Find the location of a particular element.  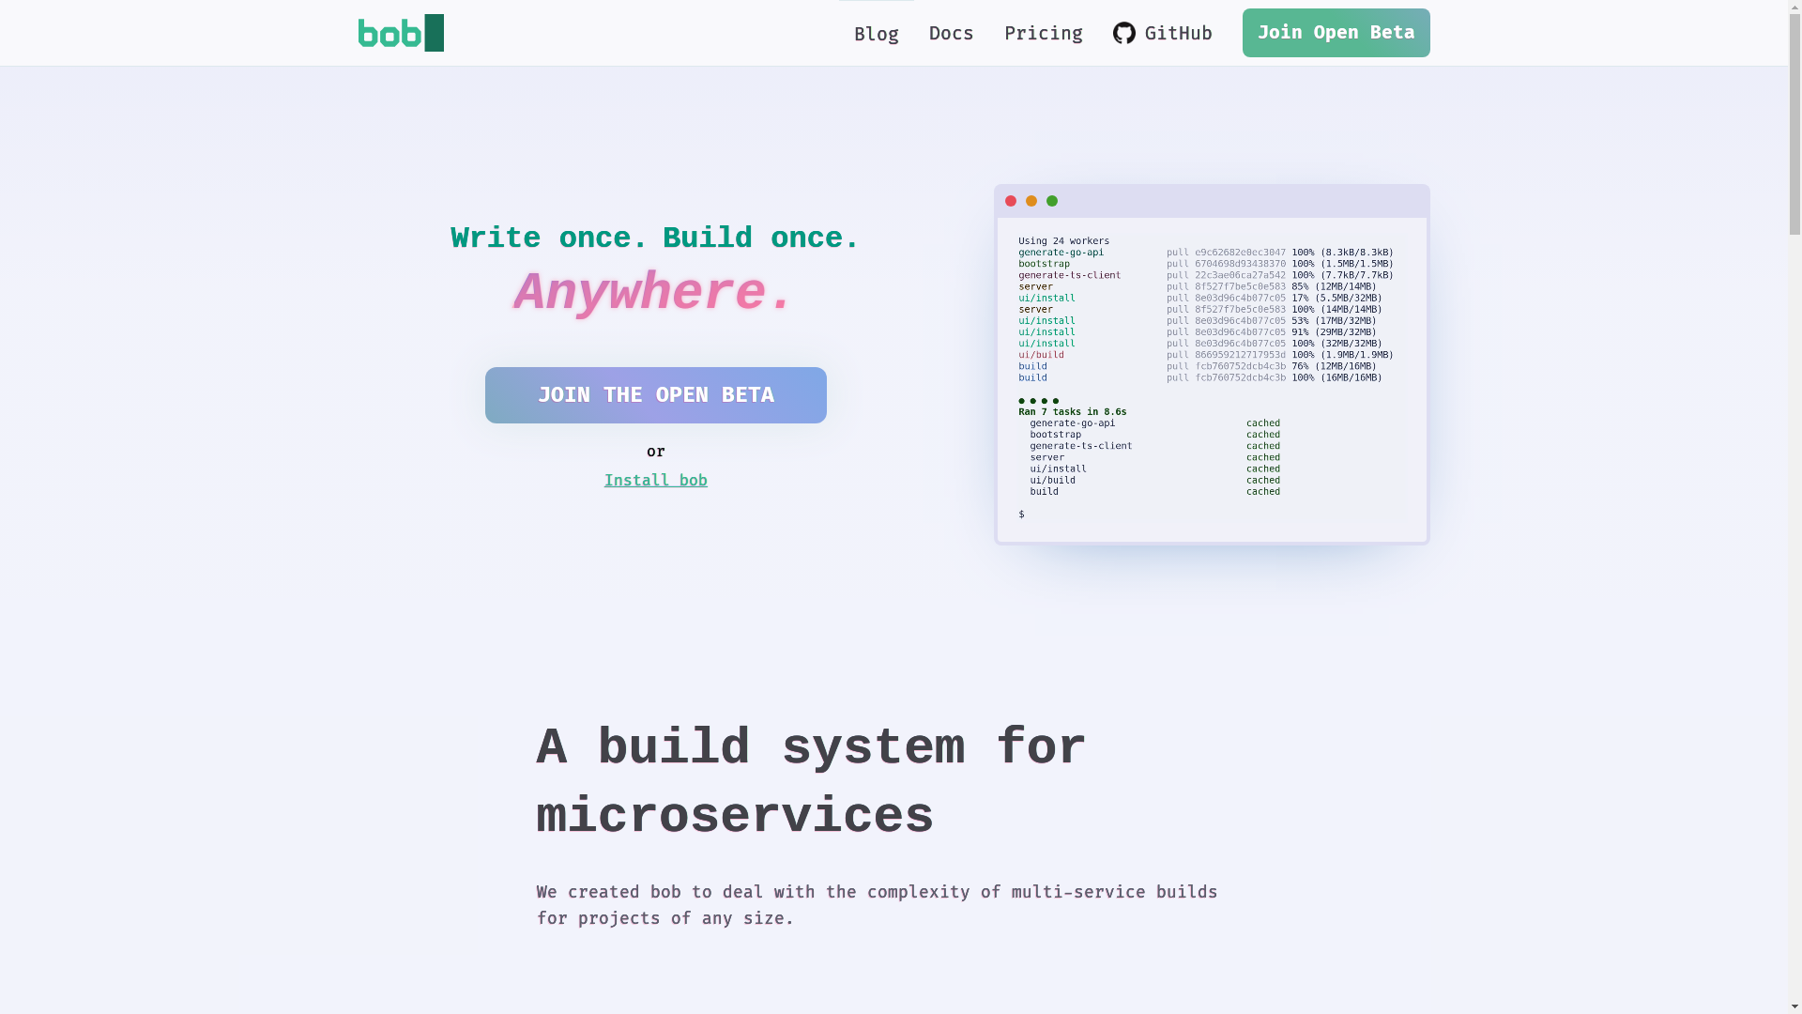

'Blog' is located at coordinates (876, 34).